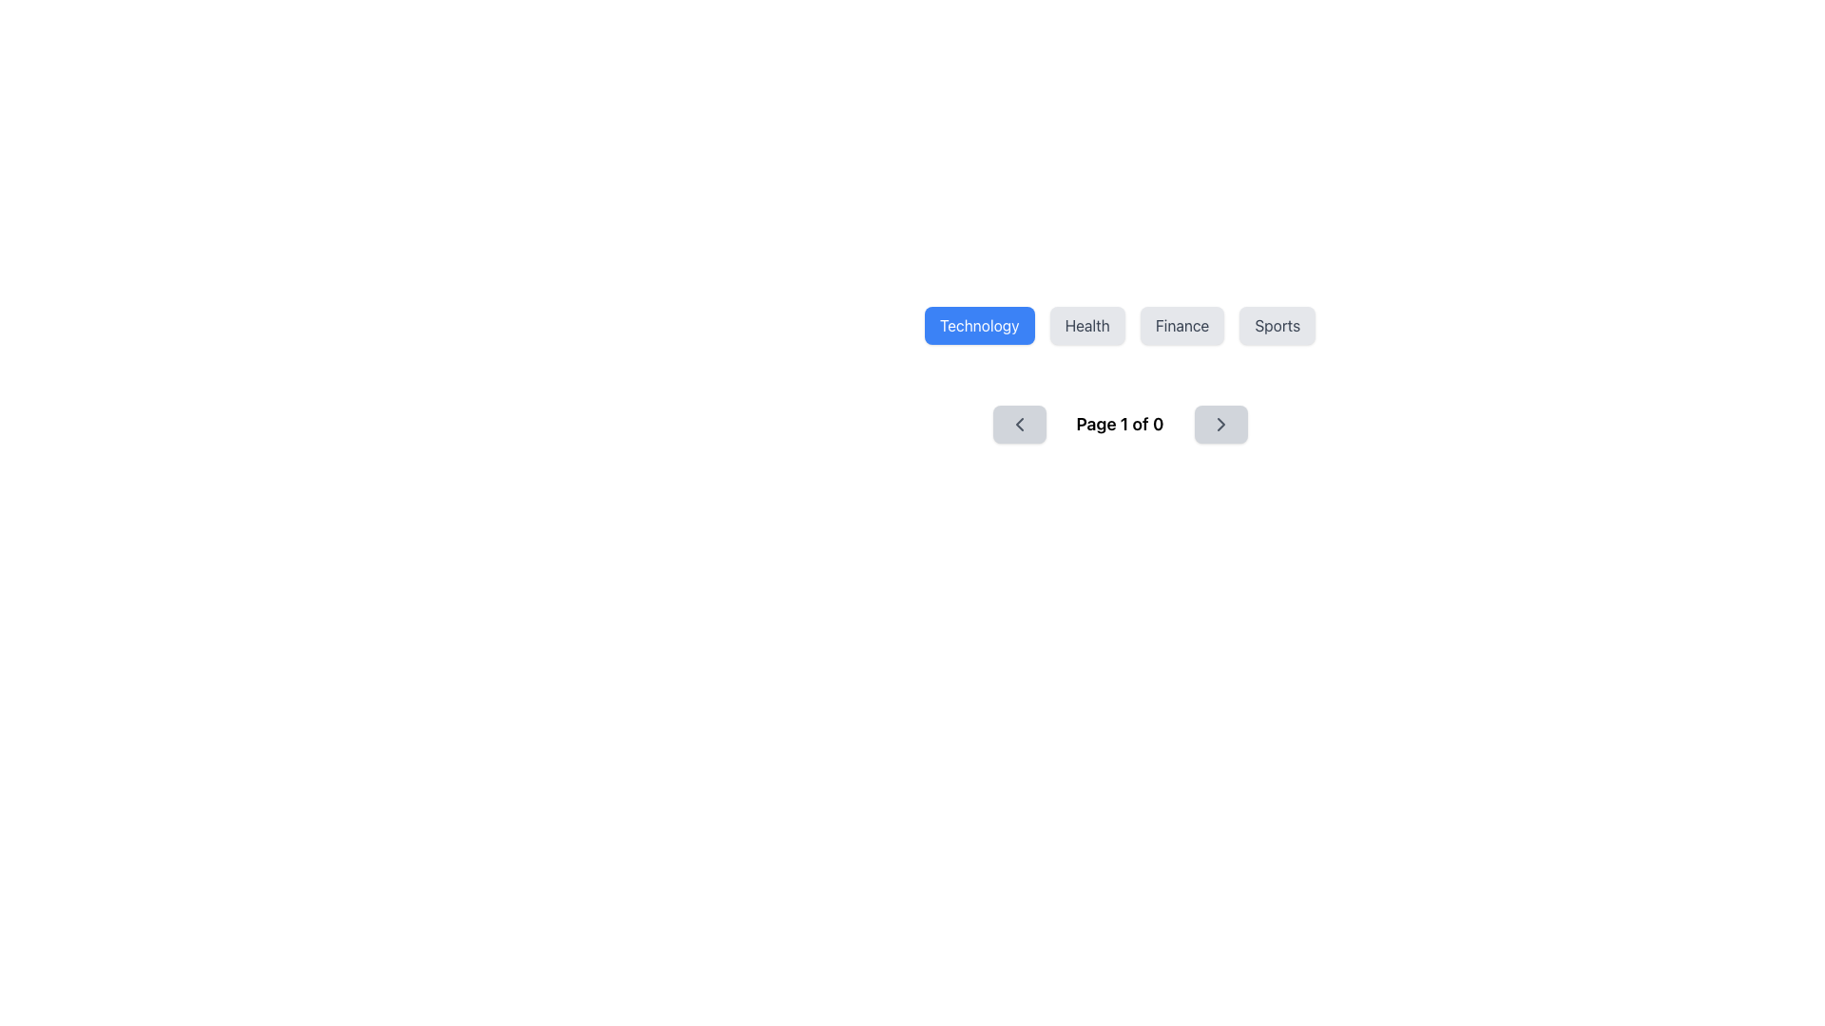 The width and height of the screenshot is (1825, 1026). I want to click on the 'Health' button, which is a rectangular button with a light gray background and dark gray text, so click(1087, 325).